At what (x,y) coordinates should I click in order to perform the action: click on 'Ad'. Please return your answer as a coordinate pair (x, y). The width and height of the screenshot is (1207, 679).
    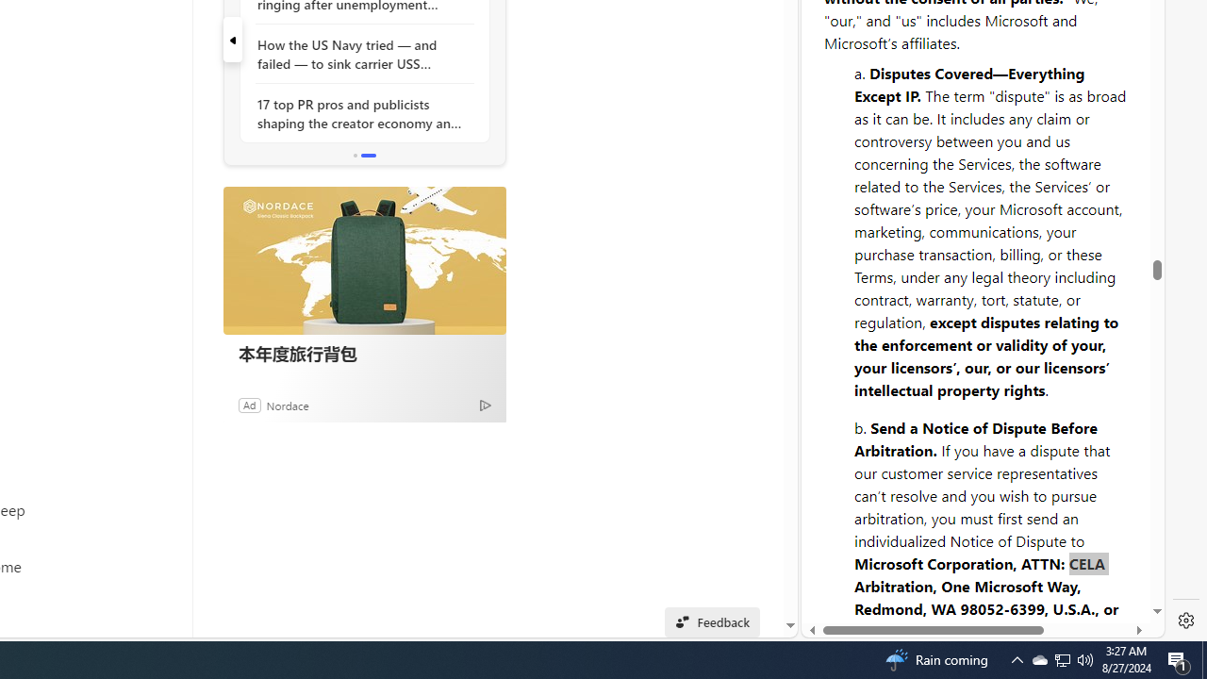
    Looking at the image, I should click on (248, 404).